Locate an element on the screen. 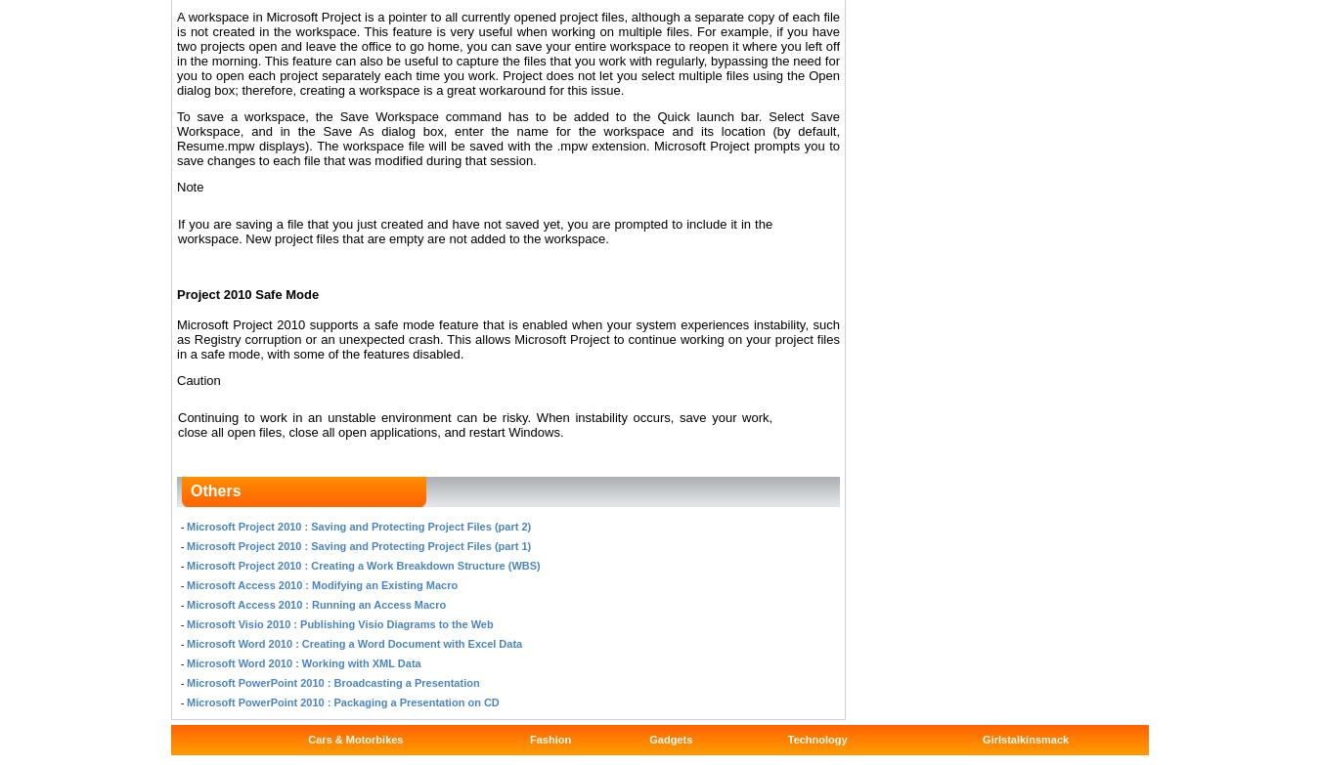  'Microsoft Project 2010 supports a
safe mode feature that is enabled when your system experiences
instability, such as Registry corruption or an unexpected crash. This
allows Microsoft Project to continue working on your project files in a
safe mode, with some of the features disabled.' is located at coordinates (177, 338).